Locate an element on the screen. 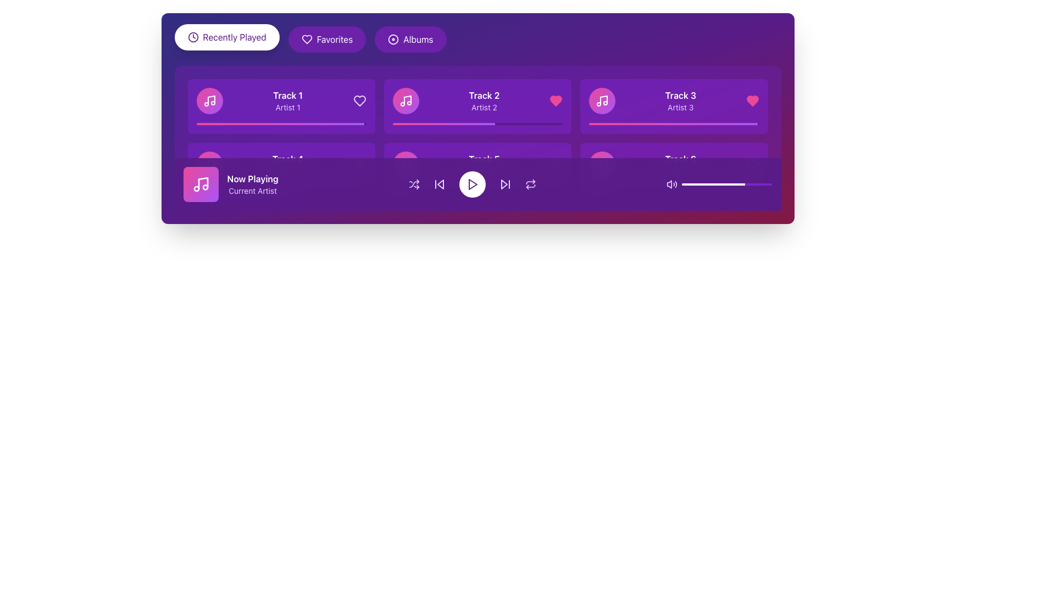 The image size is (1055, 593). the stem of the music note within the music icon located in the top left corner of the second card (Track 2, Artist 2) is located at coordinates (407, 100).